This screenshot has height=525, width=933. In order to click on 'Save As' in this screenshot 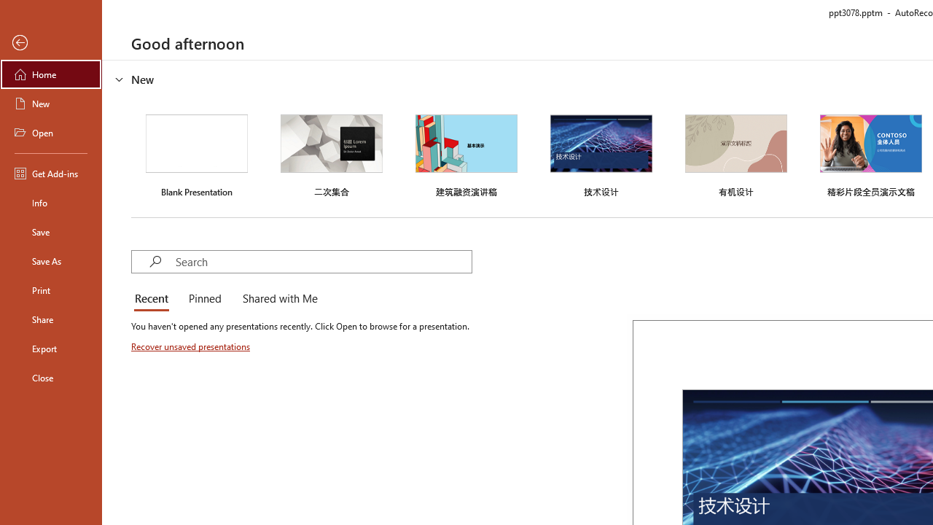, I will do `click(50, 260)`.